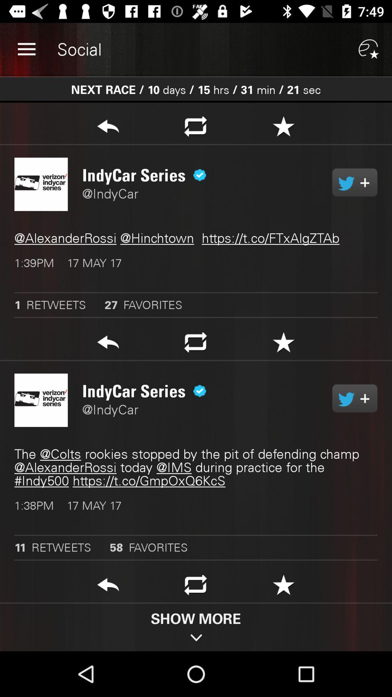 The image size is (392, 697). I want to click on go back, so click(108, 129).